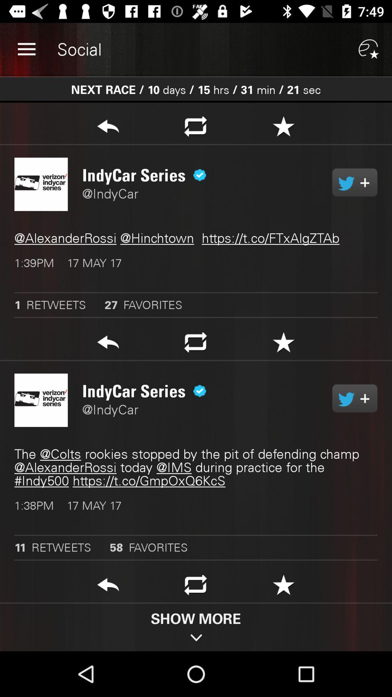 The image size is (392, 697). I want to click on go back, so click(108, 129).